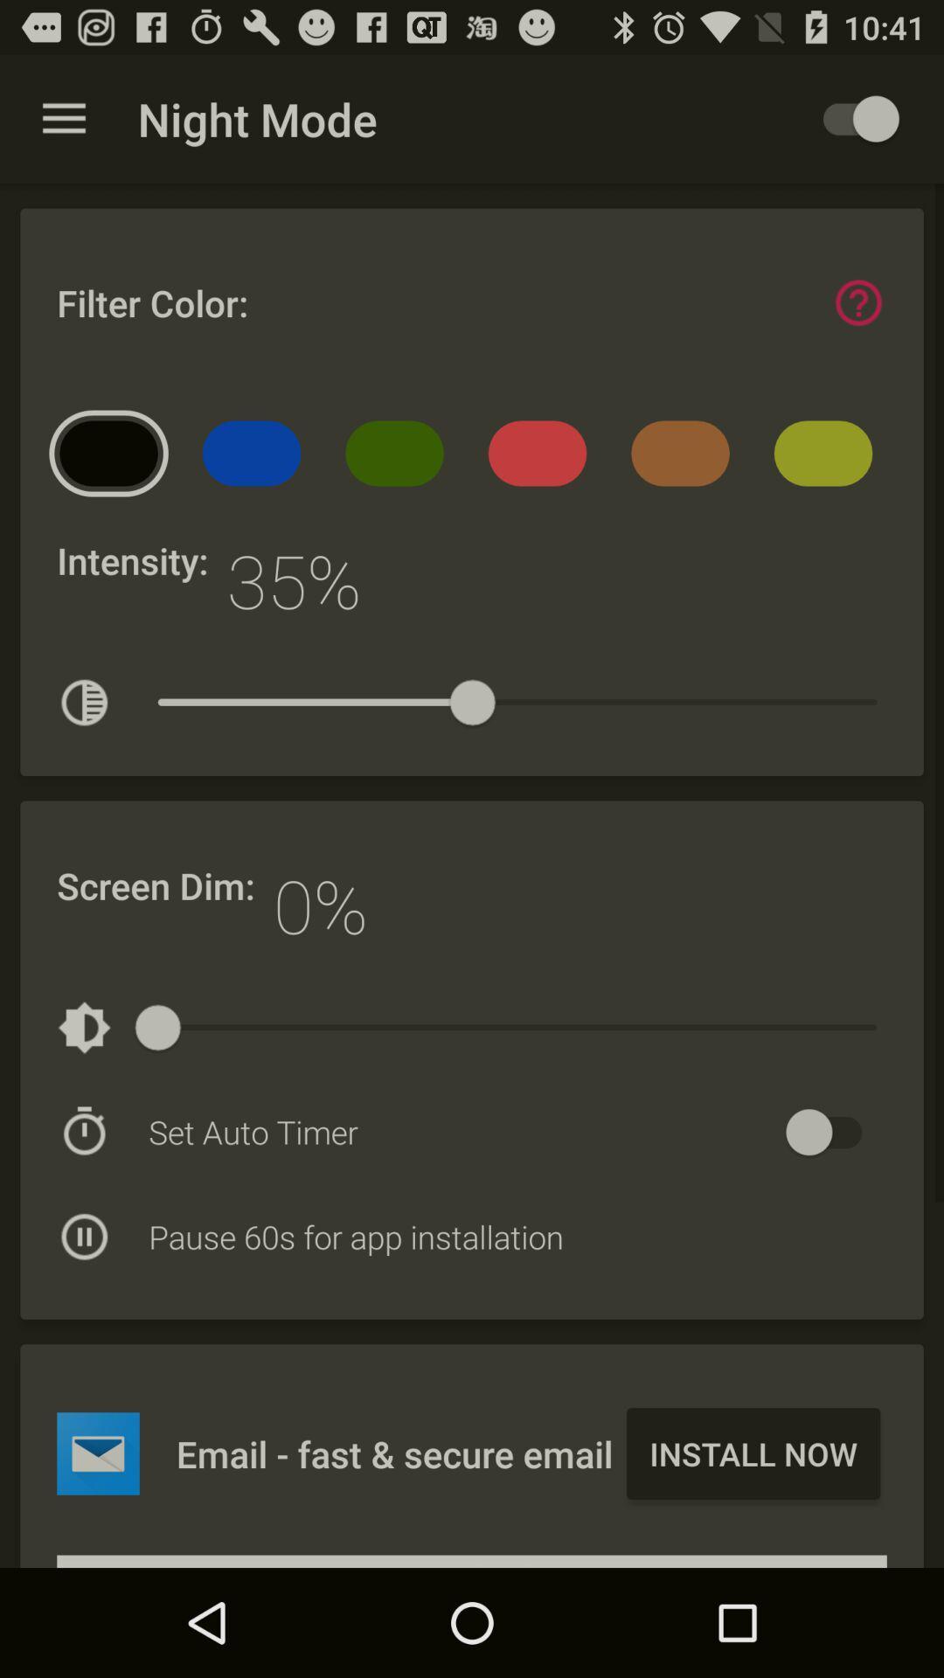 Image resolution: width=944 pixels, height=1678 pixels. I want to click on get help, so click(857, 302).